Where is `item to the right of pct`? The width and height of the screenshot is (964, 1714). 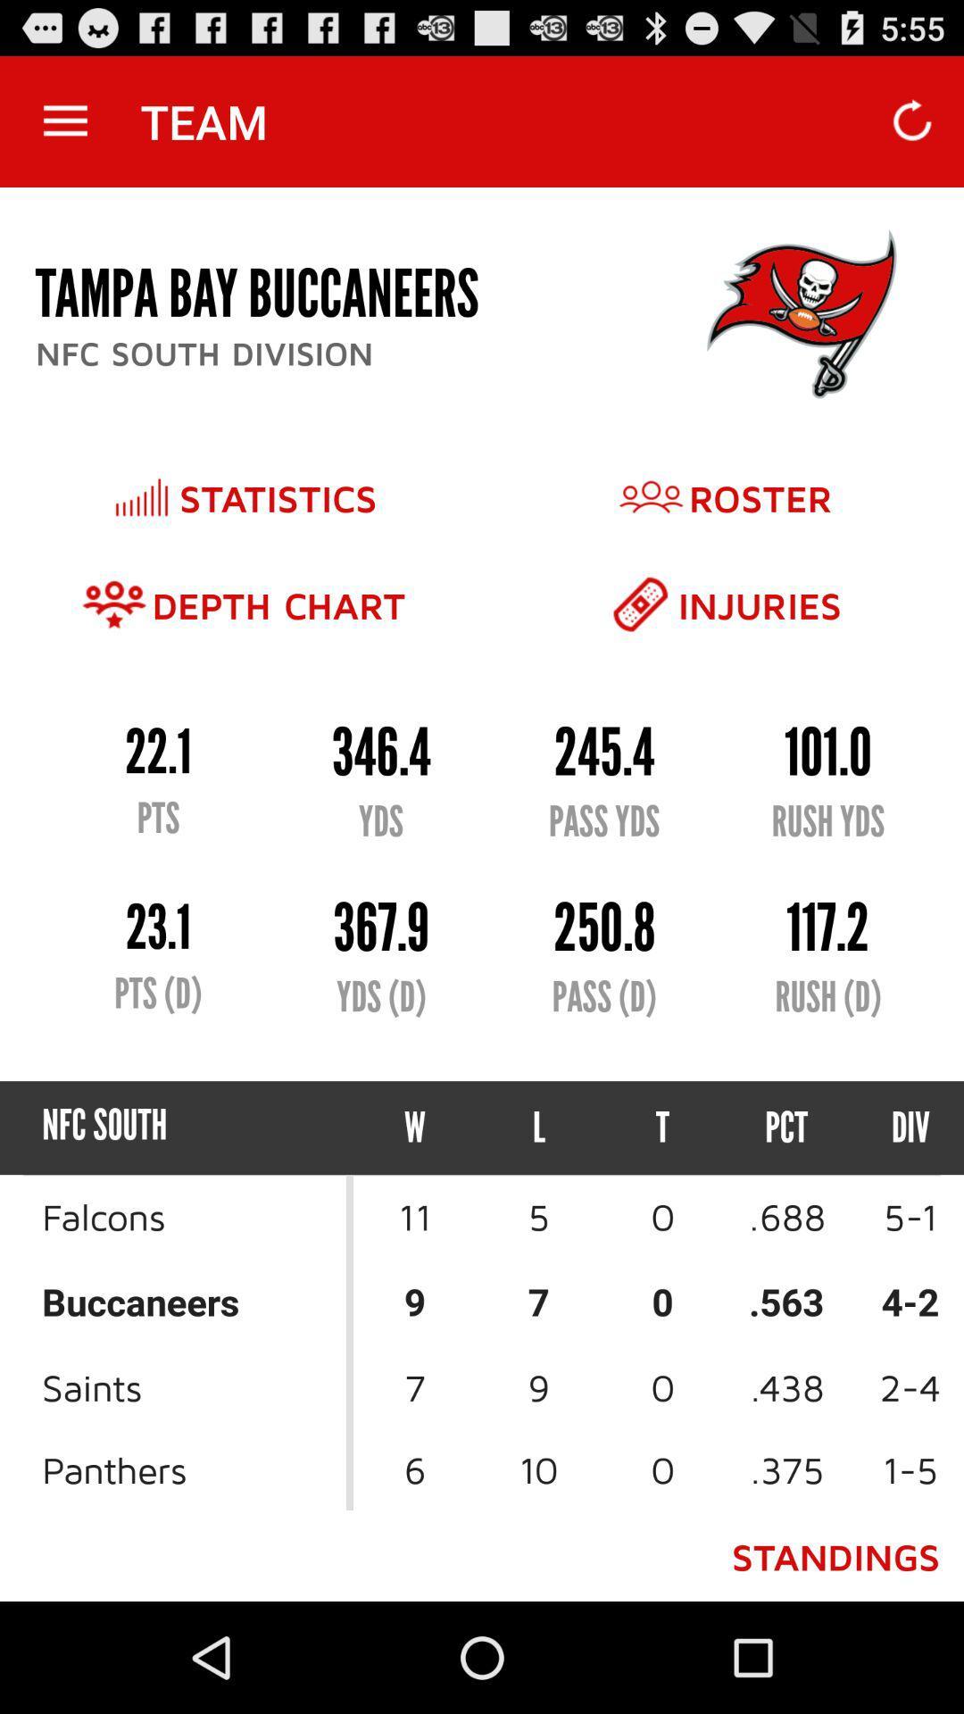 item to the right of pct is located at coordinates (894, 1127).